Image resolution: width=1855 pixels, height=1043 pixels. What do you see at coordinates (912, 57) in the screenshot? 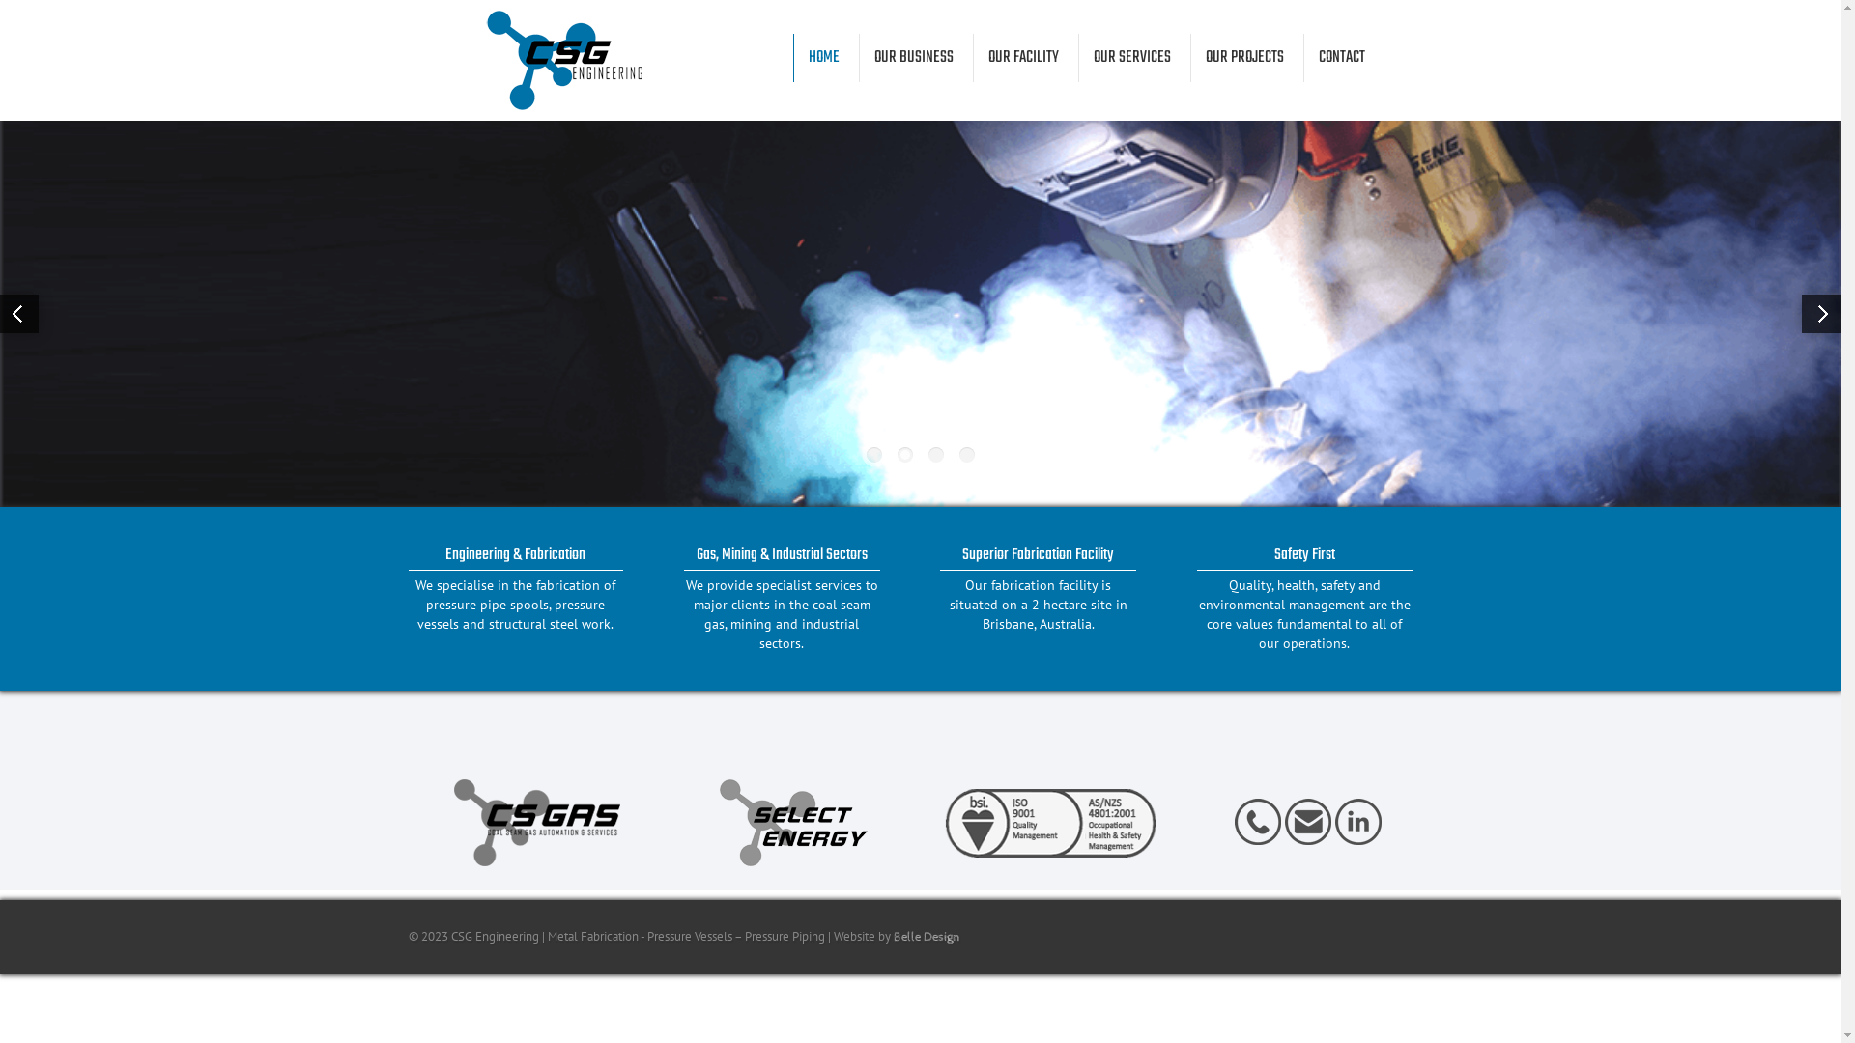
I see `'OUR BUSINESS'` at bounding box center [912, 57].